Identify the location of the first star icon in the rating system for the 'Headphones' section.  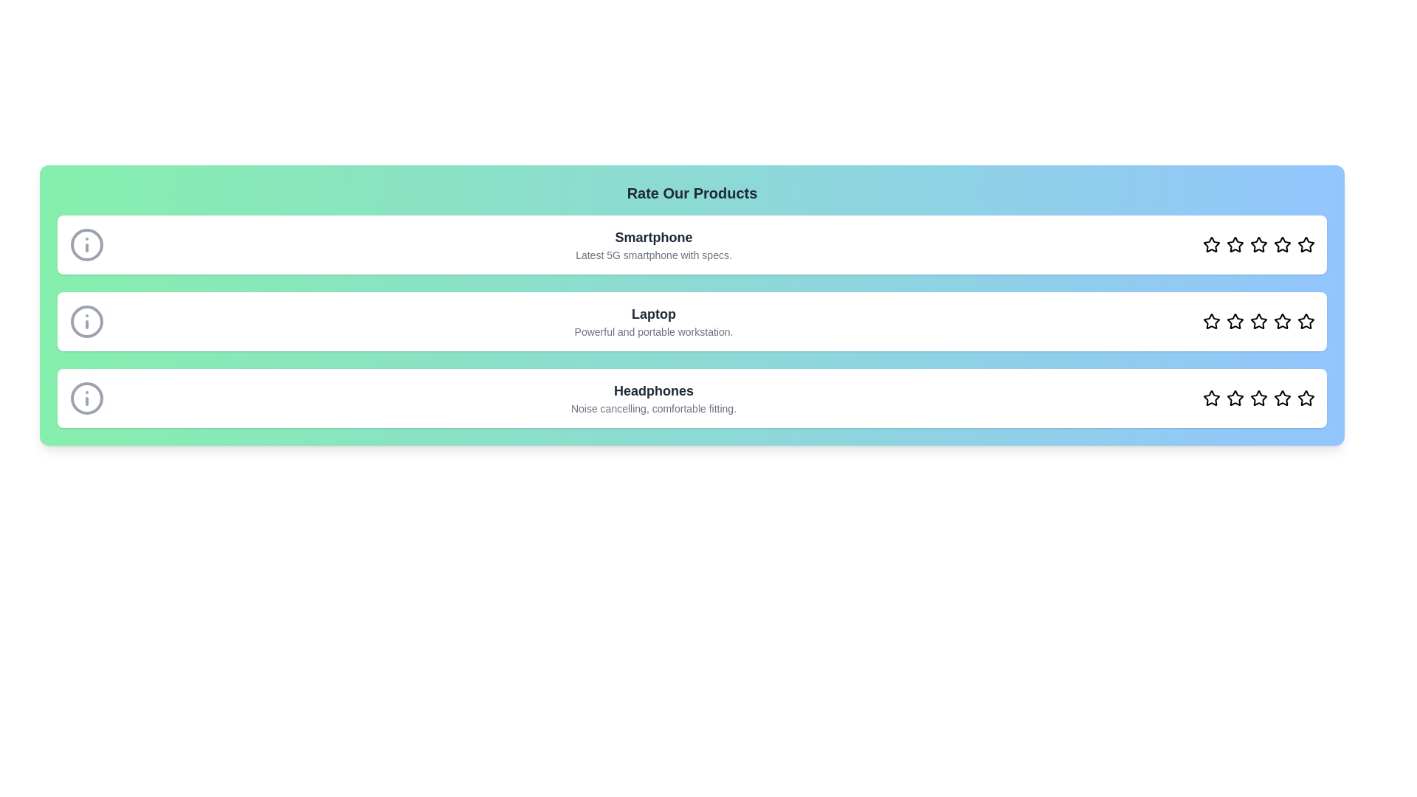
(1211, 398).